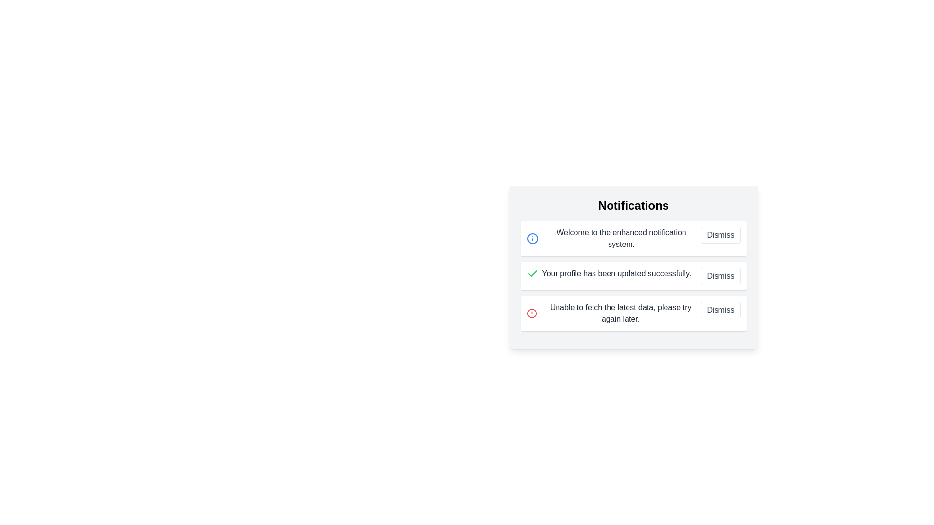 The image size is (934, 525). I want to click on the small circular blue outlined information icon located to the left of the text 'Welcome to the enhanced notification system.', so click(532, 238).